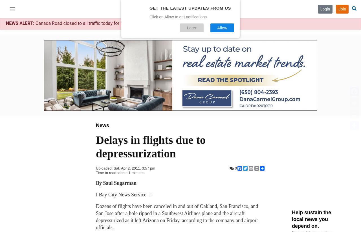  Describe the element at coordinates (151, 147) in the screenshot. I see `'Delays in flights due to depressurization'` at that location.